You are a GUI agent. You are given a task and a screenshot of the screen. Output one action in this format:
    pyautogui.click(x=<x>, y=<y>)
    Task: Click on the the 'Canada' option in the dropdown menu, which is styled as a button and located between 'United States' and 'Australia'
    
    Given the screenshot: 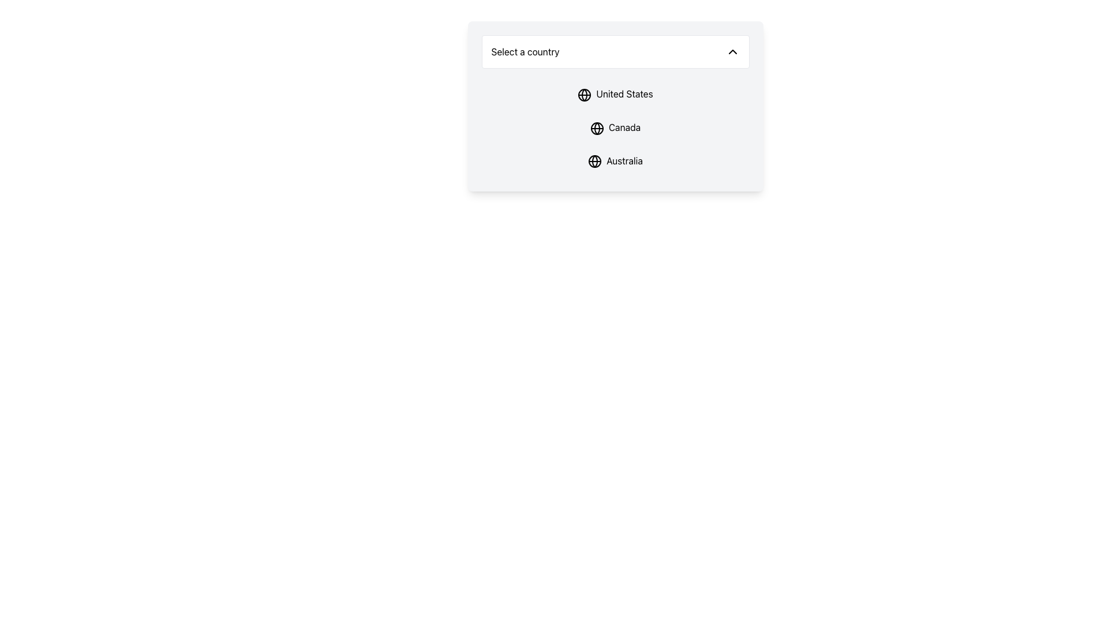 What is the action you would take?
    pyautogui.click(x=615, y=127)
    